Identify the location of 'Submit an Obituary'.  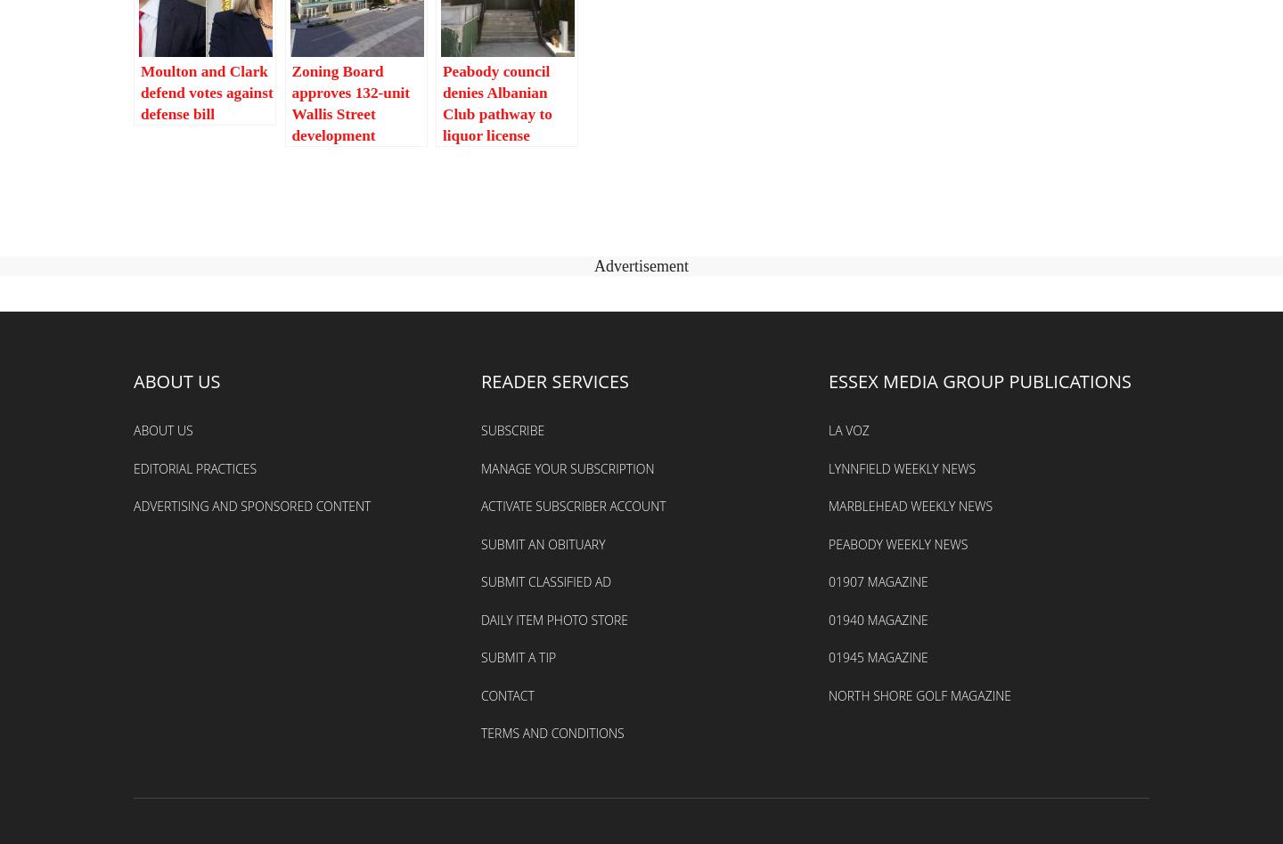
(542, 542).